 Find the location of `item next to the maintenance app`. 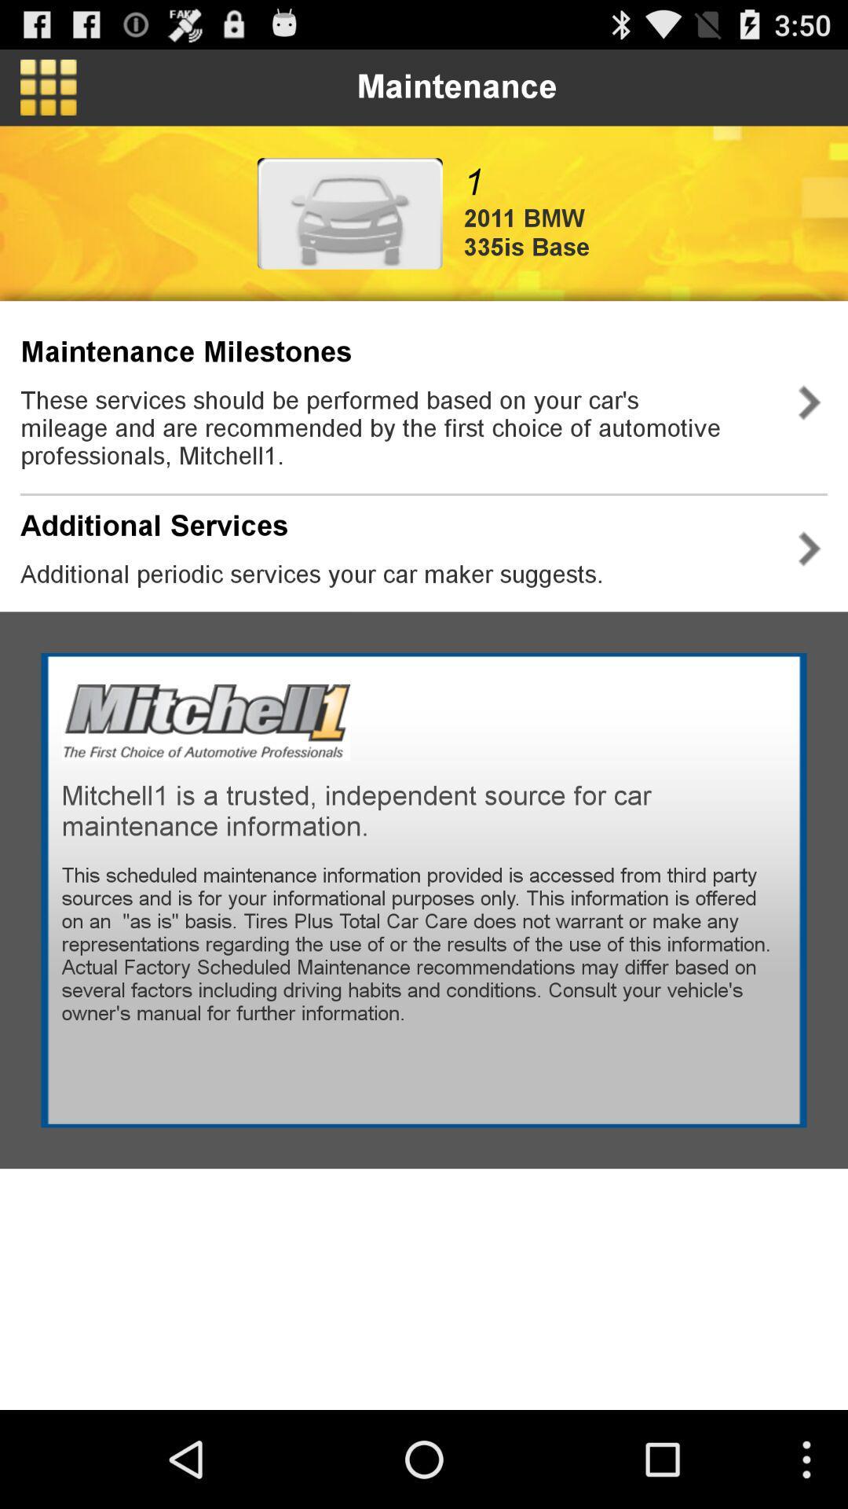

item next to the maintenance app is located at coordinates (47, 86).